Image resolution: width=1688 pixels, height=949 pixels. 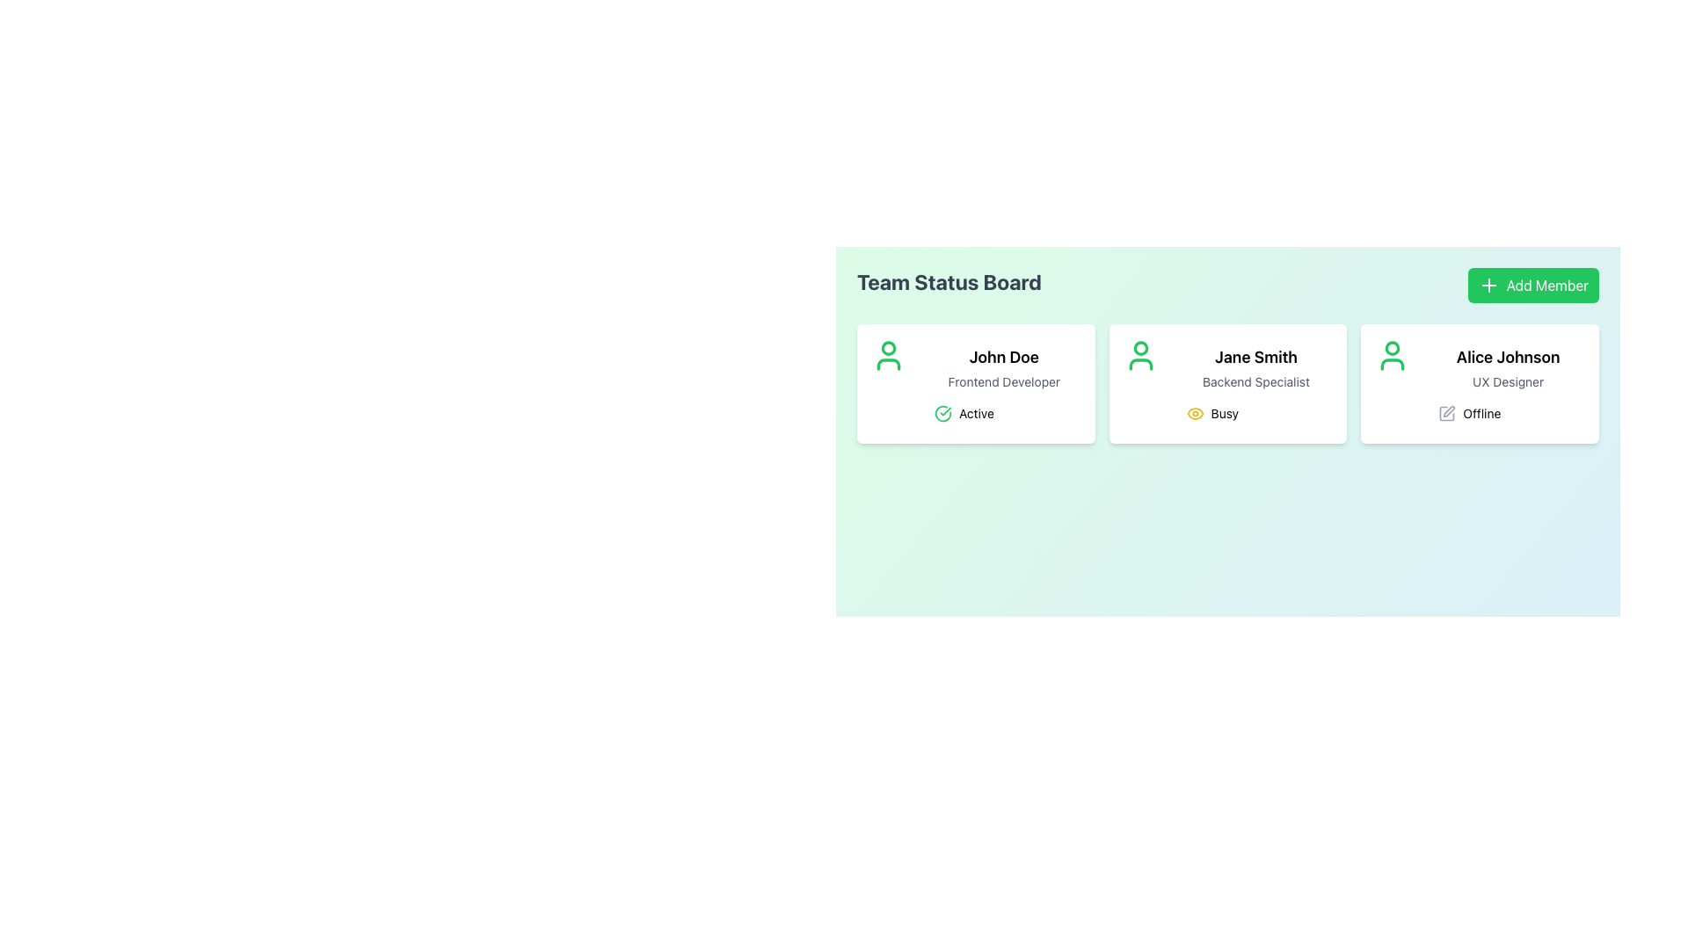 What do you see at coordinates (1195, 413) in the screenshot?
I see `the eye icon located within the card labeled 'Jane Smith', positioned to the right of the text 'Busy', serving as a status indicator for visibility` at bounding box center [1195, 413].